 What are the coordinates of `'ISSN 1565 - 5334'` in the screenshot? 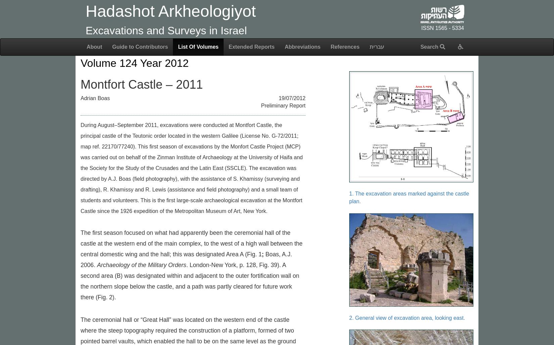 It's located at (421, 28).